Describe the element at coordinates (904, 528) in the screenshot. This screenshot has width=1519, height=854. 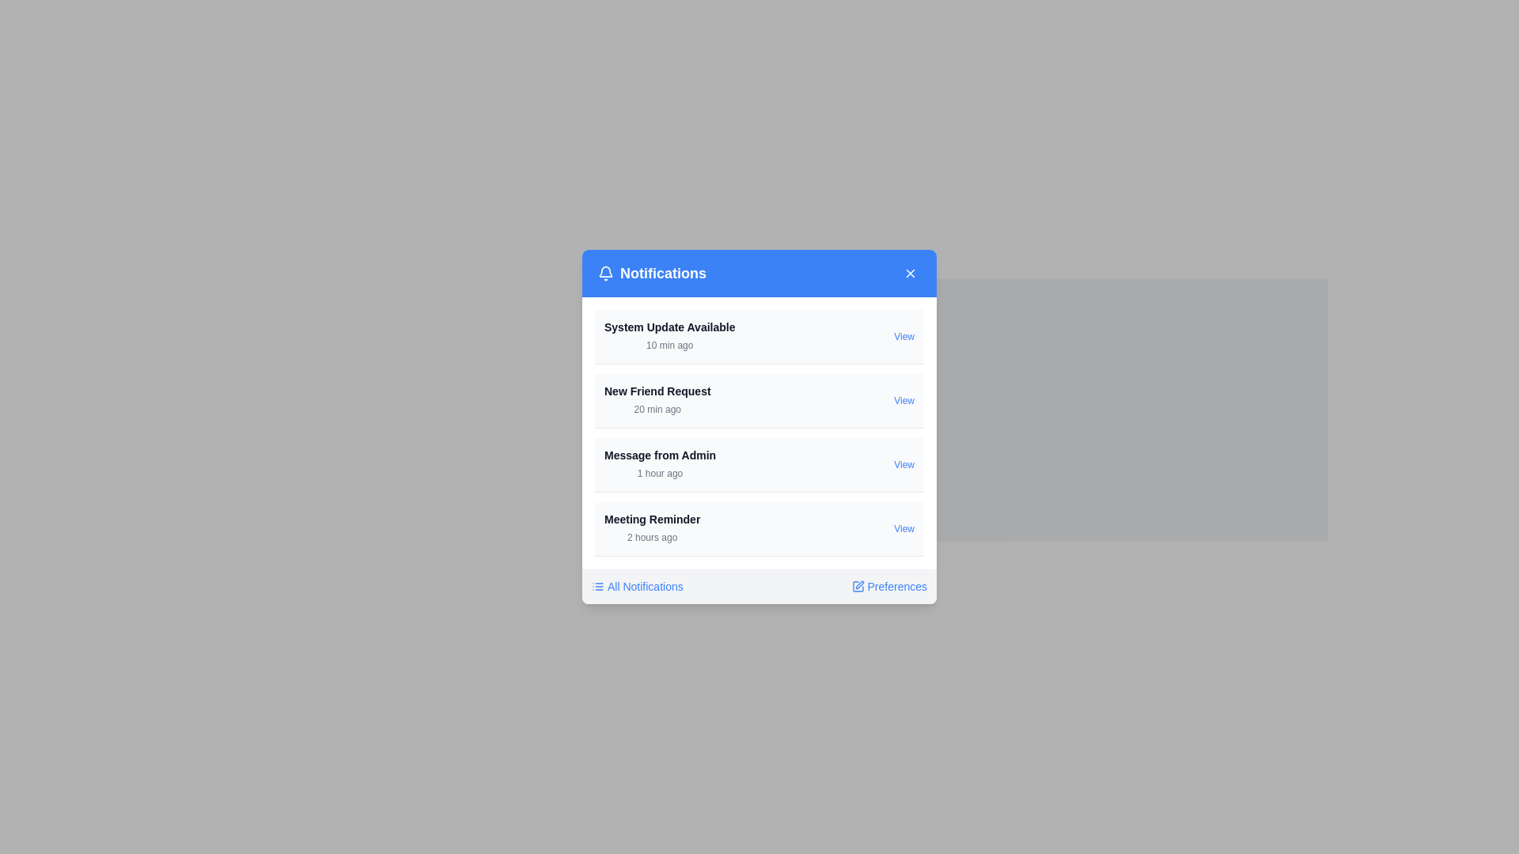
I see `the 'View' hyperlink located at the bottom of the notifications panel, specifically for the 'Meeting Reminder' notification` at that location.